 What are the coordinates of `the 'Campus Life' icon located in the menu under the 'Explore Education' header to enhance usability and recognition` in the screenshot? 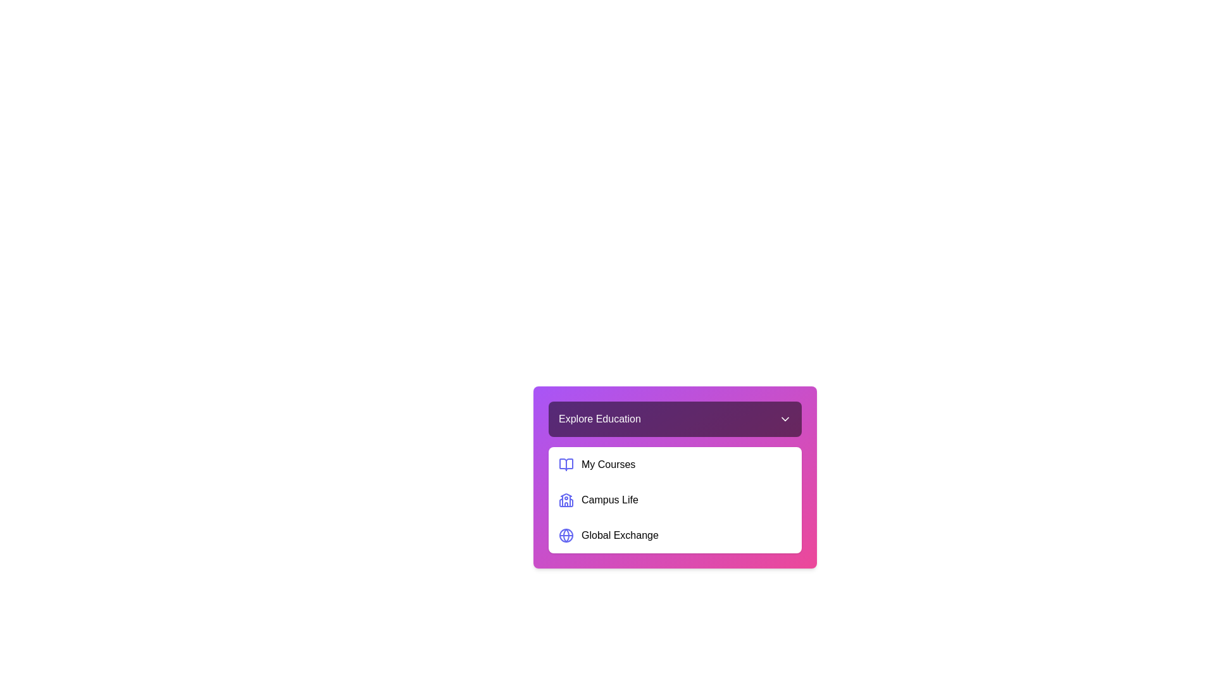 It's located at (565, 499).